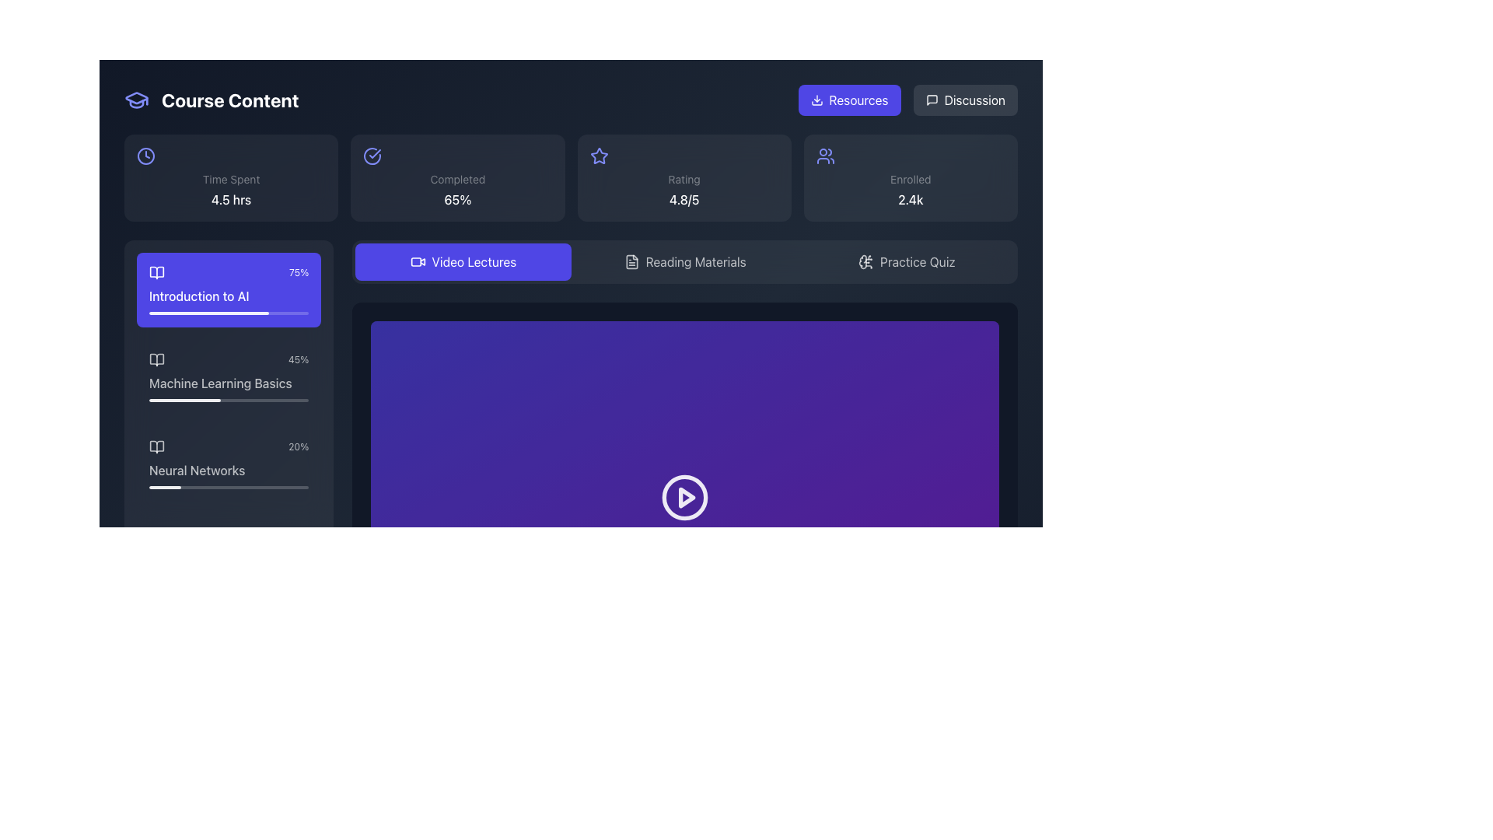 This screenshot has width=1493, height=840. I want to click on the Information Widget displaying the icon of users, the text 'Enrolled', and the number '2.4k', located at the top-right corner of the grid layout, adjacent to the 'Rating' widget, so click(911, 177).